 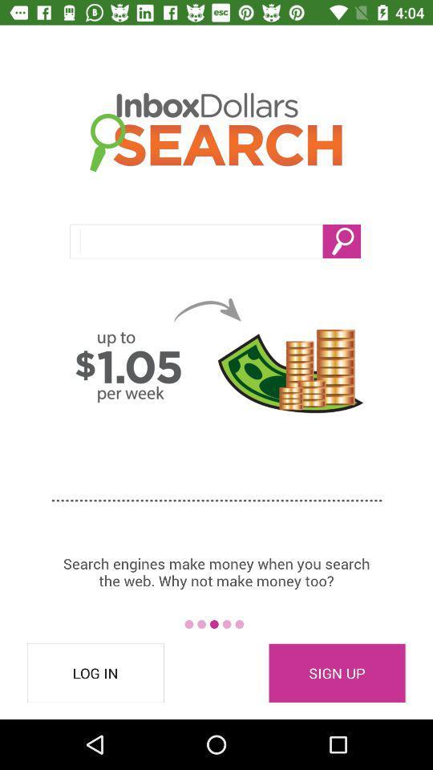 I want to click on the icon next to log in icon, so click(x=336, y=673).